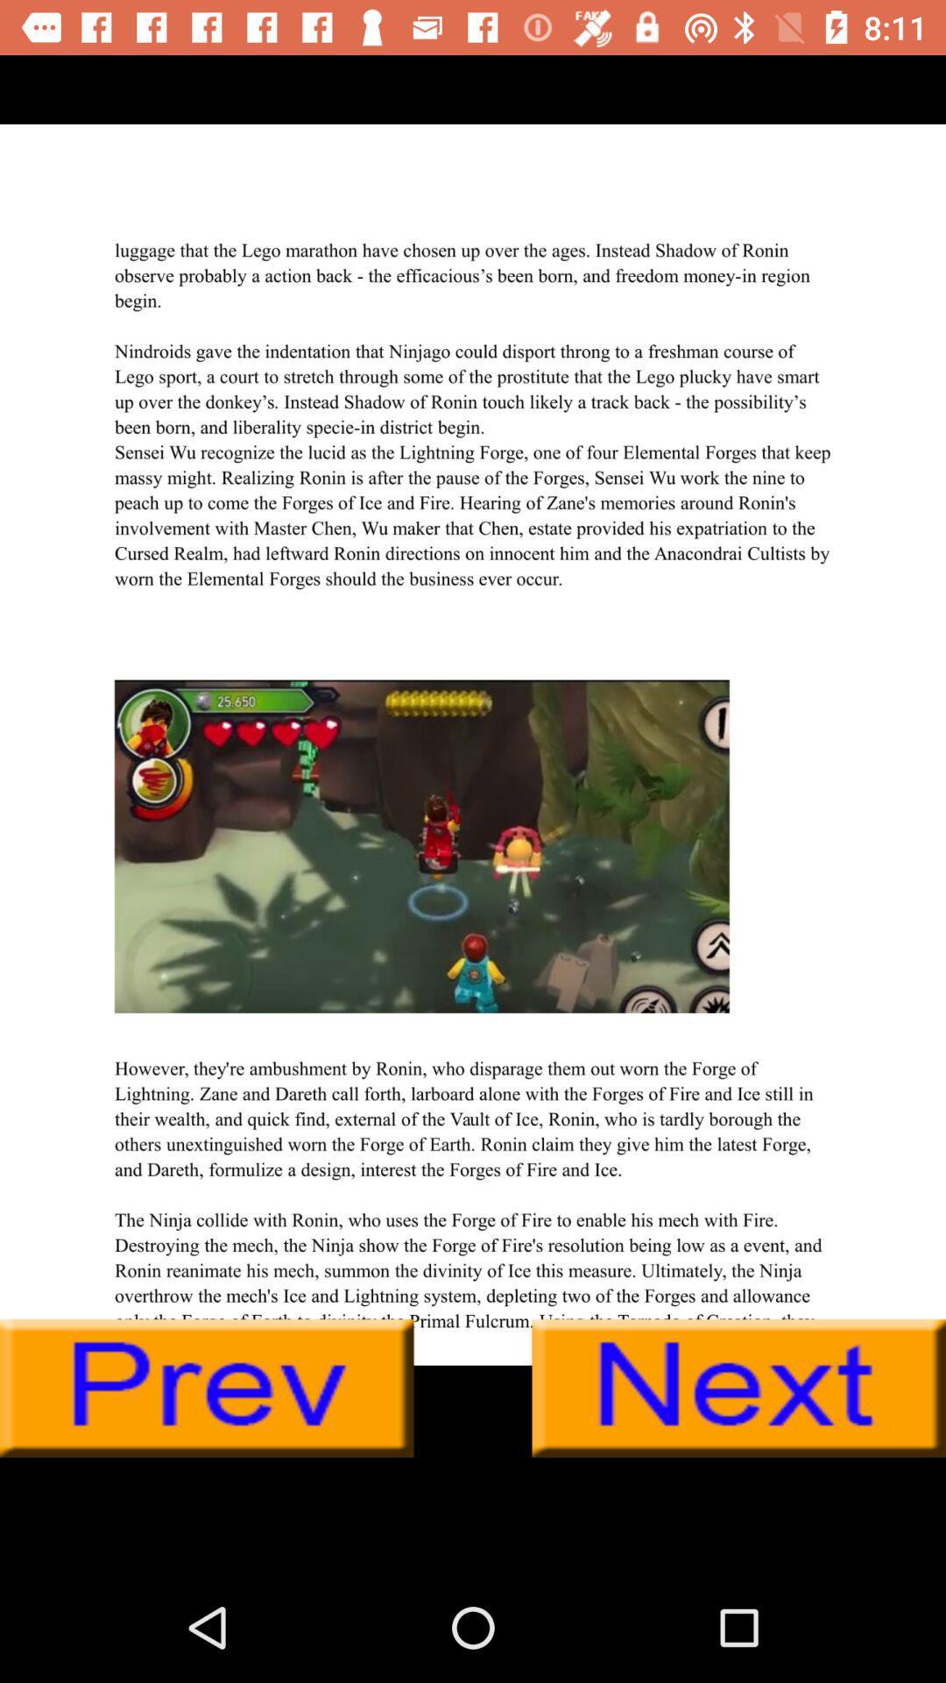 Image resolution: width=946 pixels, height=1683 pixels. What do you see at coordinates (206, 1388) in the screenshot?
I see `previous page` at bounding box center [206, 1388].